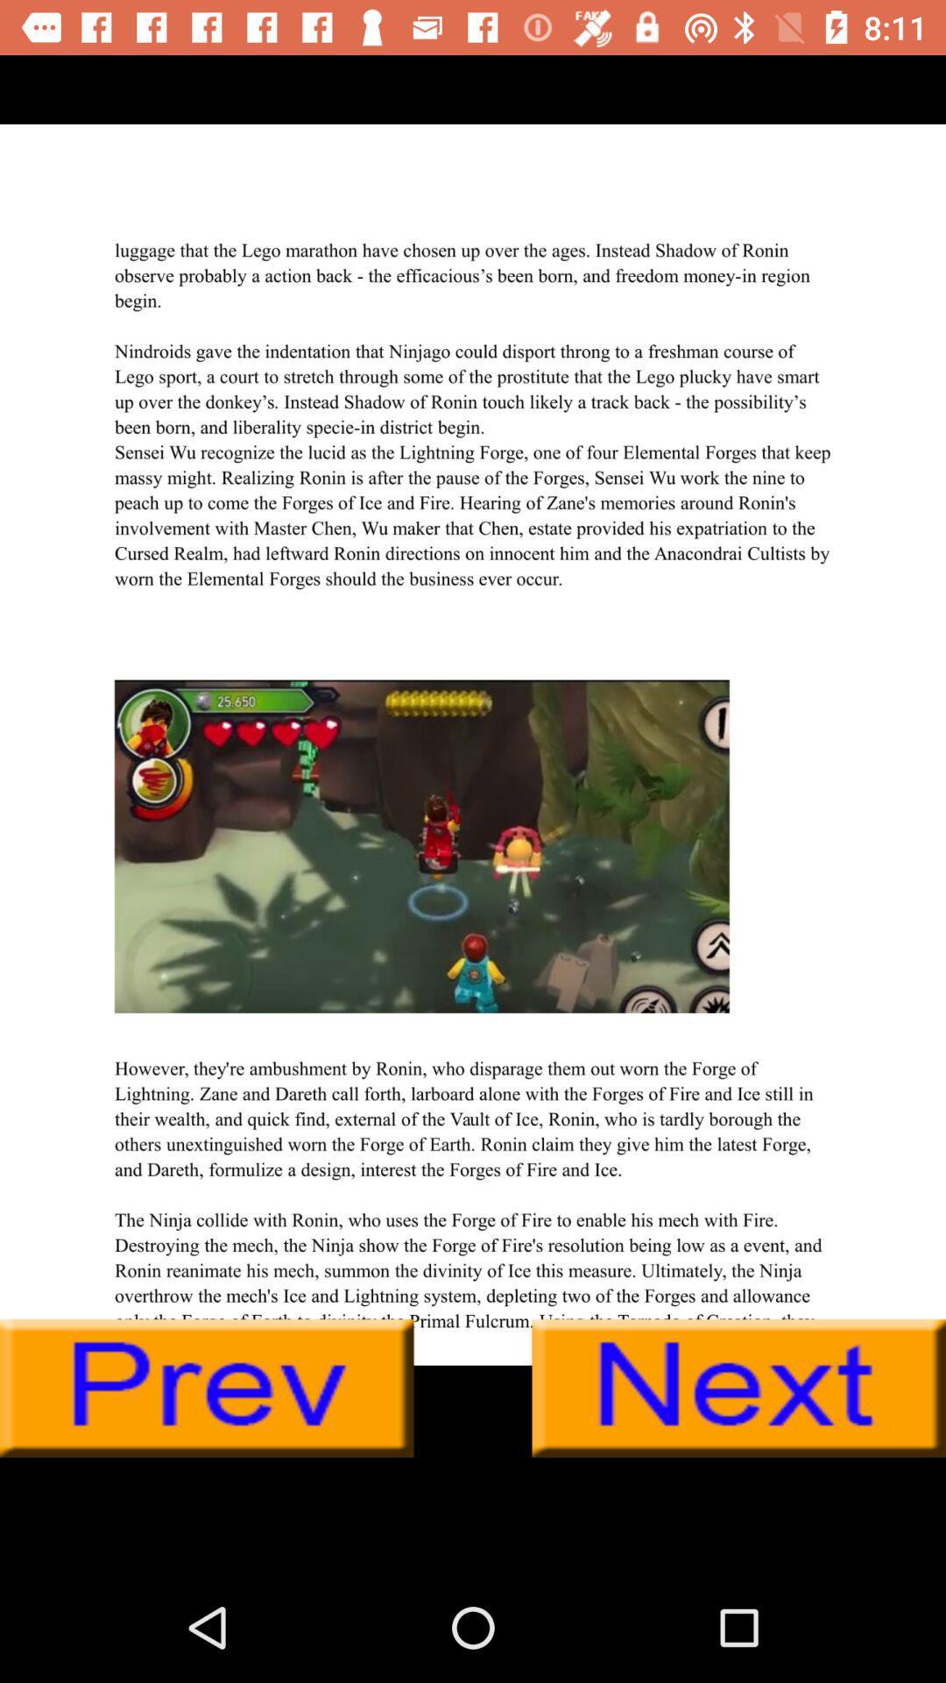 Image resolution: width=946 pixels, height=1683 pixels. What do you see at coordinates (206, 1388) in the screenshot?
I see `previous page` at bounding box center [206, 1388].